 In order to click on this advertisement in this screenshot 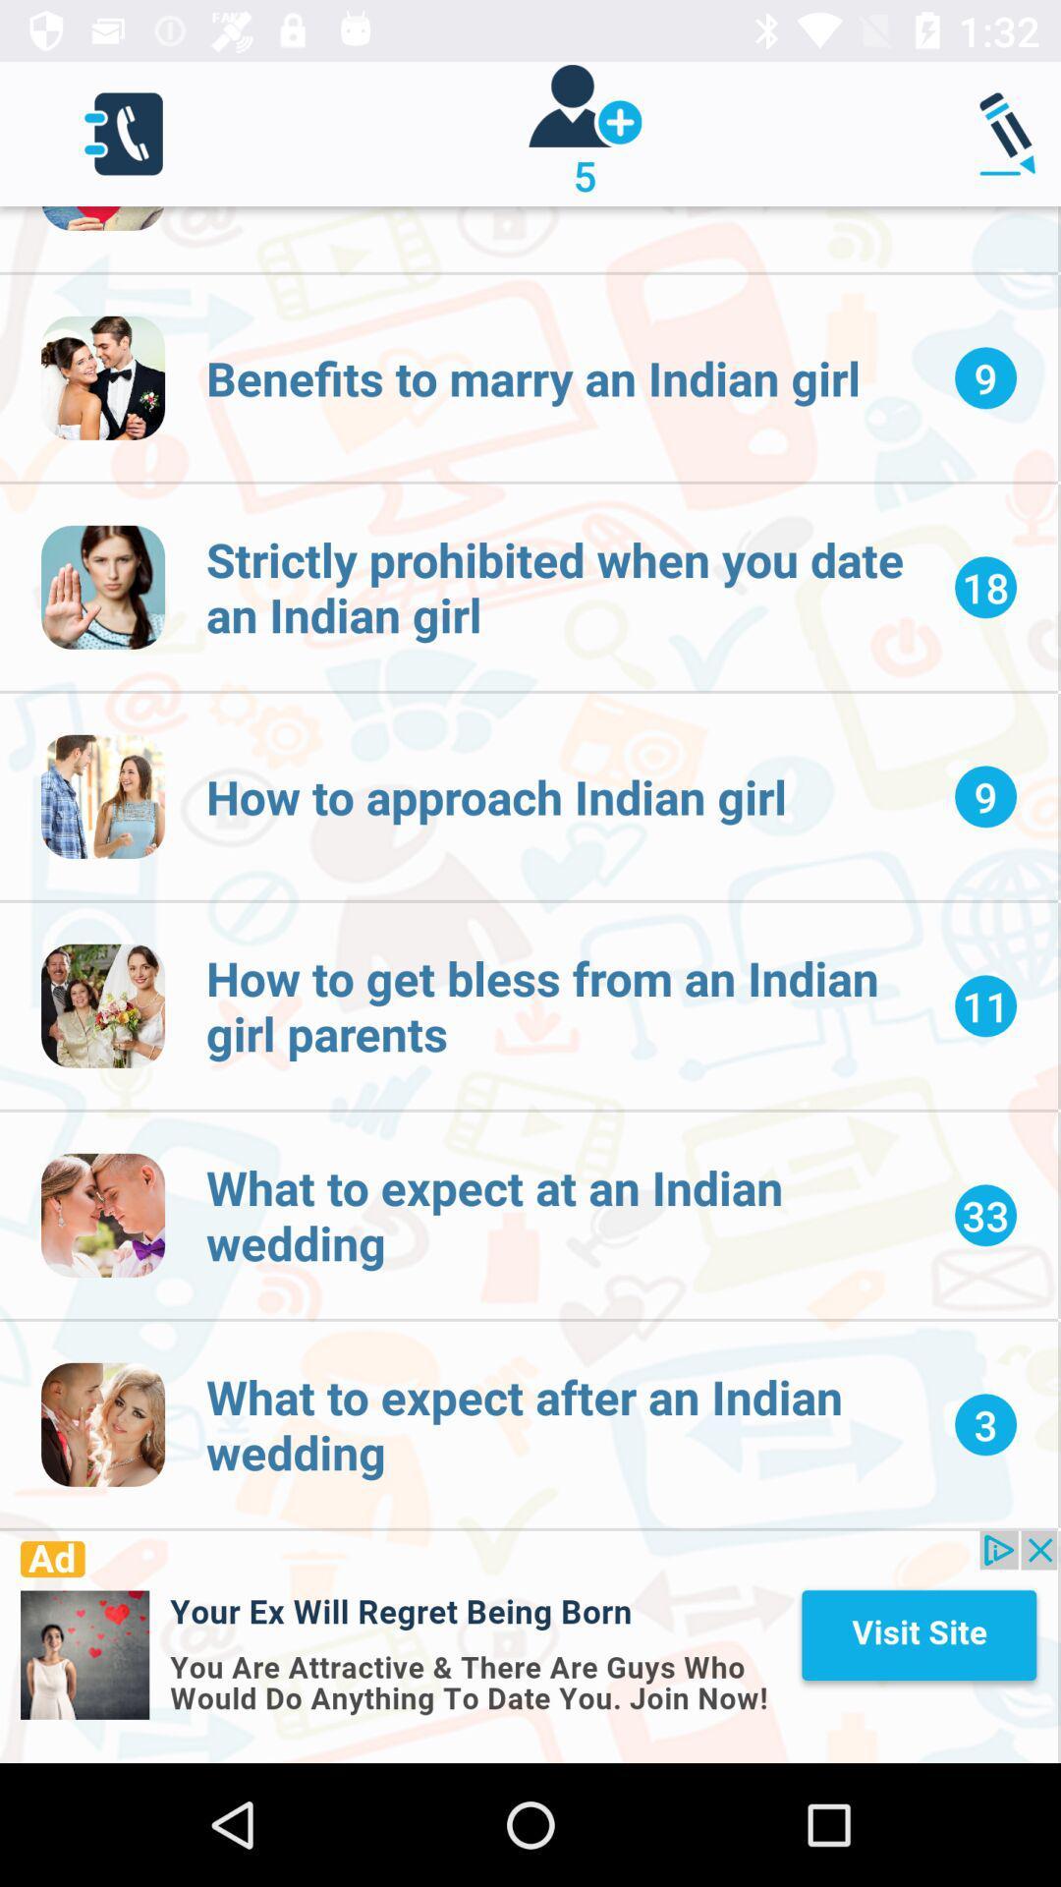, I will do `click(528, 1646)`.